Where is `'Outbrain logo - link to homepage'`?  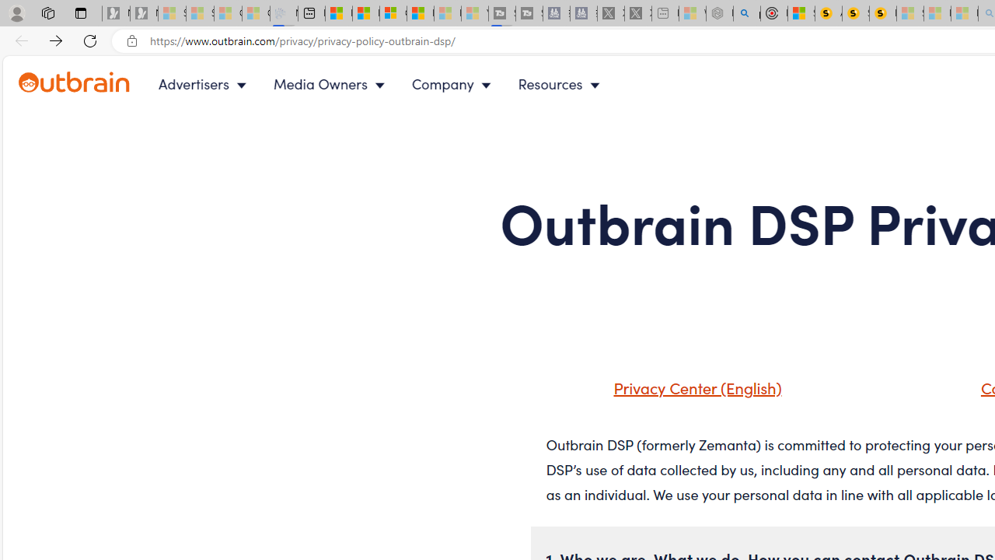 'Outbrain logo - link to homepage' is located at coordinates (74, 82).